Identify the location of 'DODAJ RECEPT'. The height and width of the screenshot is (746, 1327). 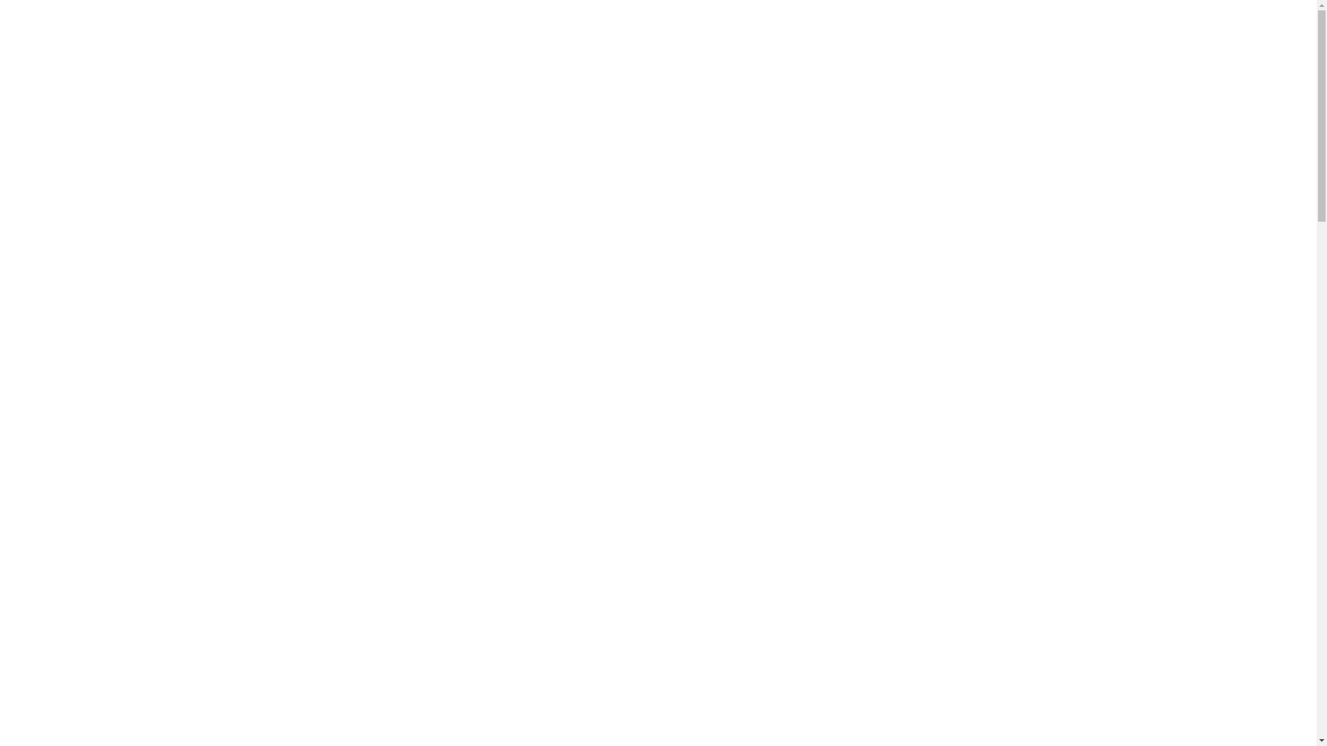
(1031, 31).